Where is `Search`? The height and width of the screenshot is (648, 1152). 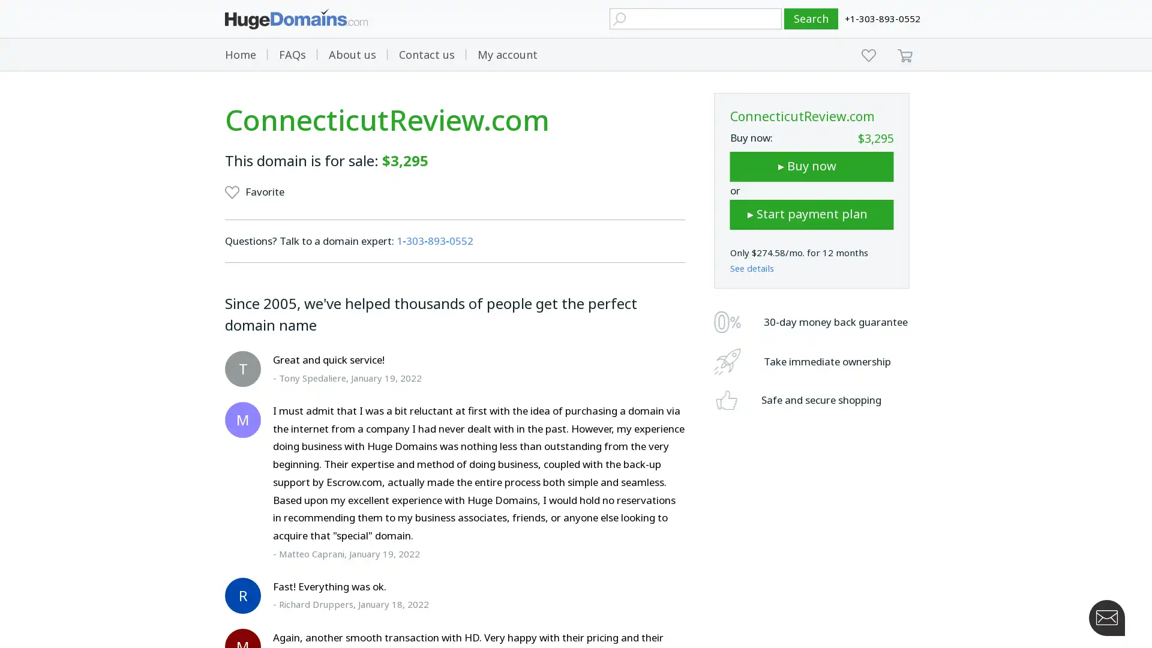
Search is located at coordinates (811, 19).